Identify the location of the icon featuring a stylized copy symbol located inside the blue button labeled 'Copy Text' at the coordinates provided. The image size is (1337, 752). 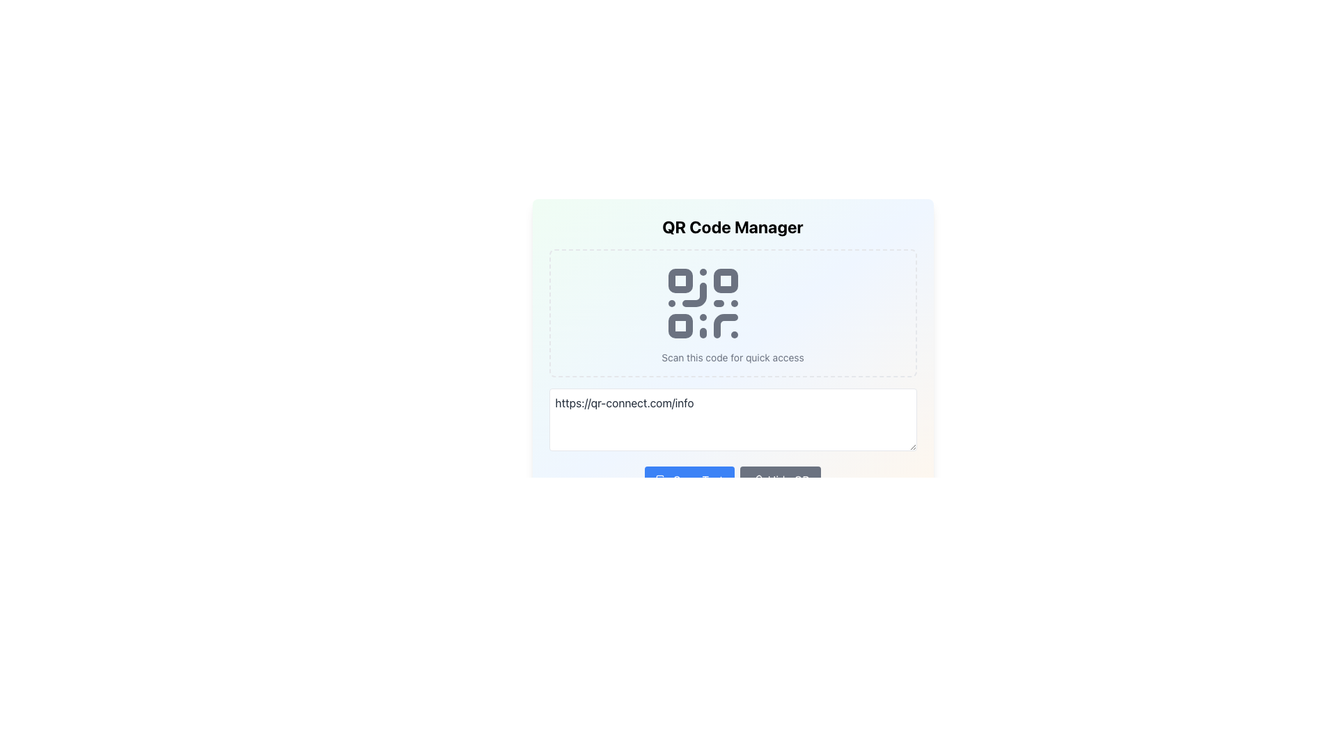
(661, 480).